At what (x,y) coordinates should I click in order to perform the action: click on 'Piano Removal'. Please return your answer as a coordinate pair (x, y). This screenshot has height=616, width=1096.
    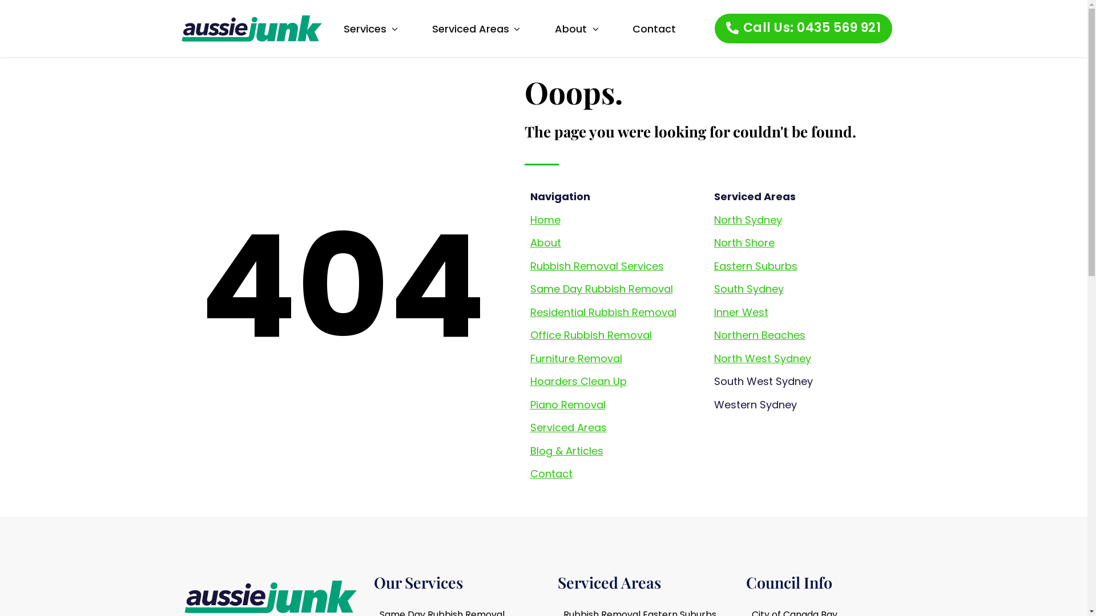
    Looking at the image, I should click on (567, 404).